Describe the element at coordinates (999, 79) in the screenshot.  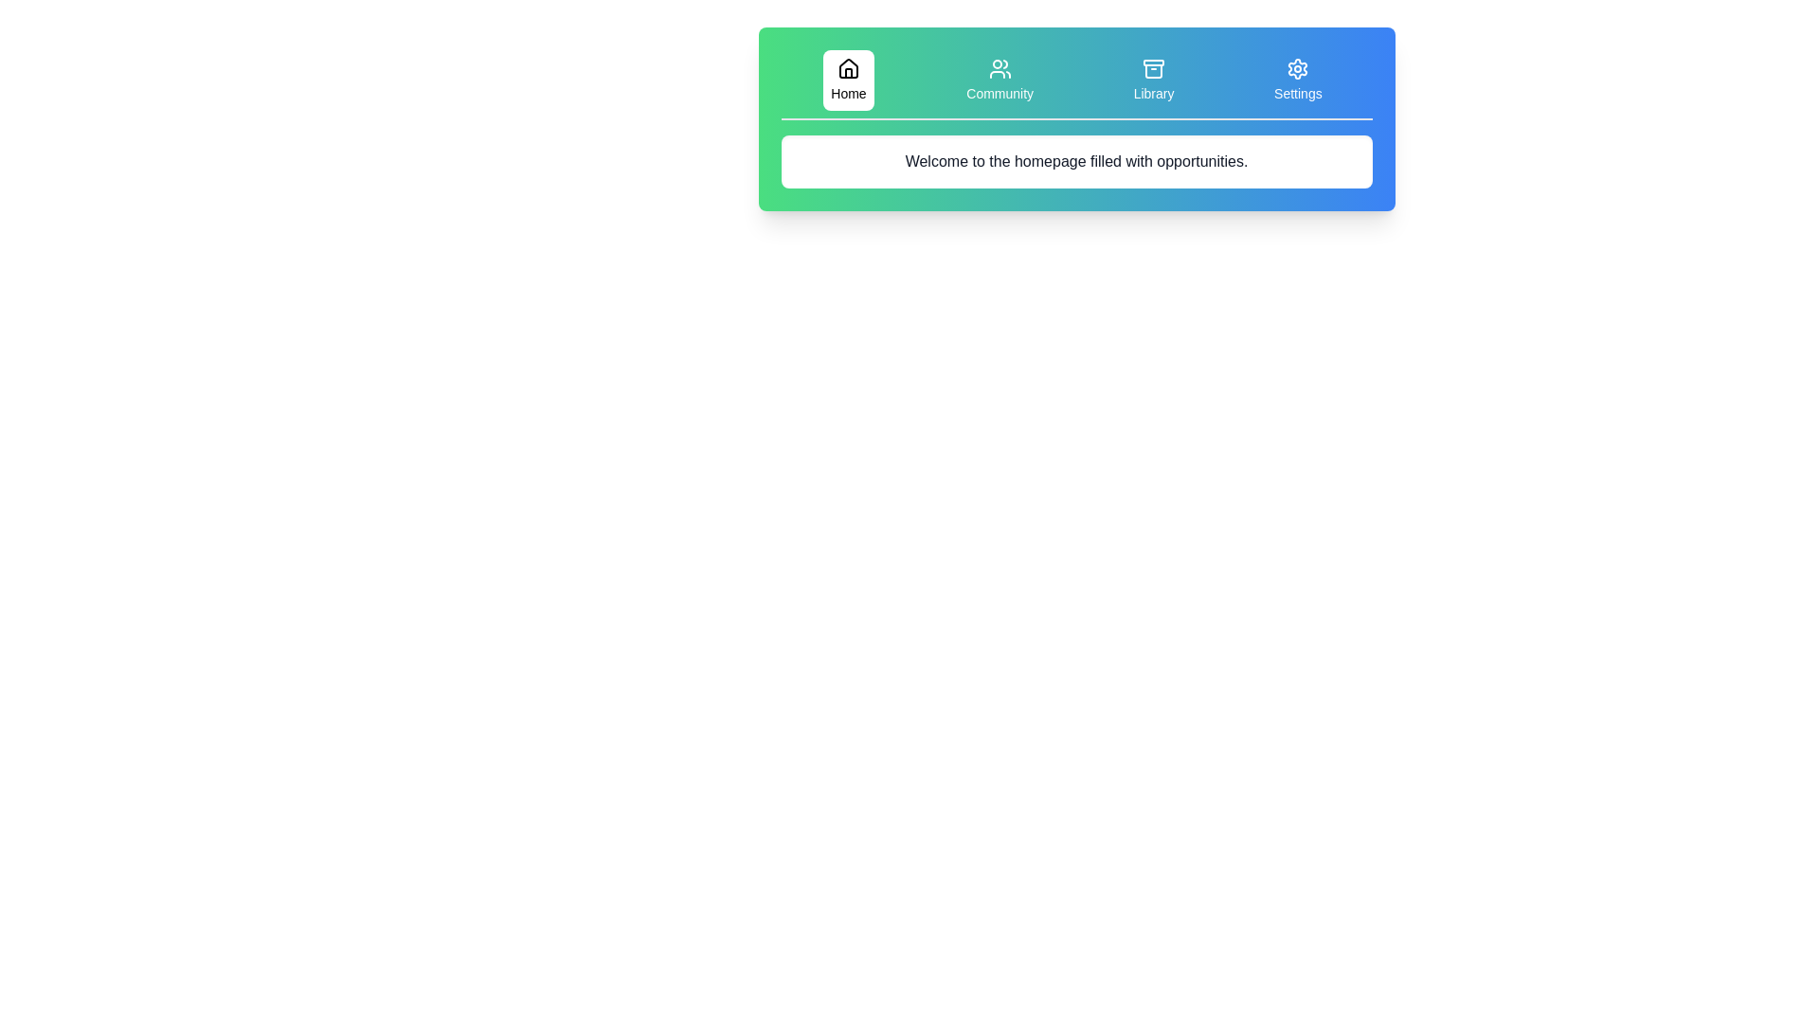
I see `the Community tab to display its content` at that location.